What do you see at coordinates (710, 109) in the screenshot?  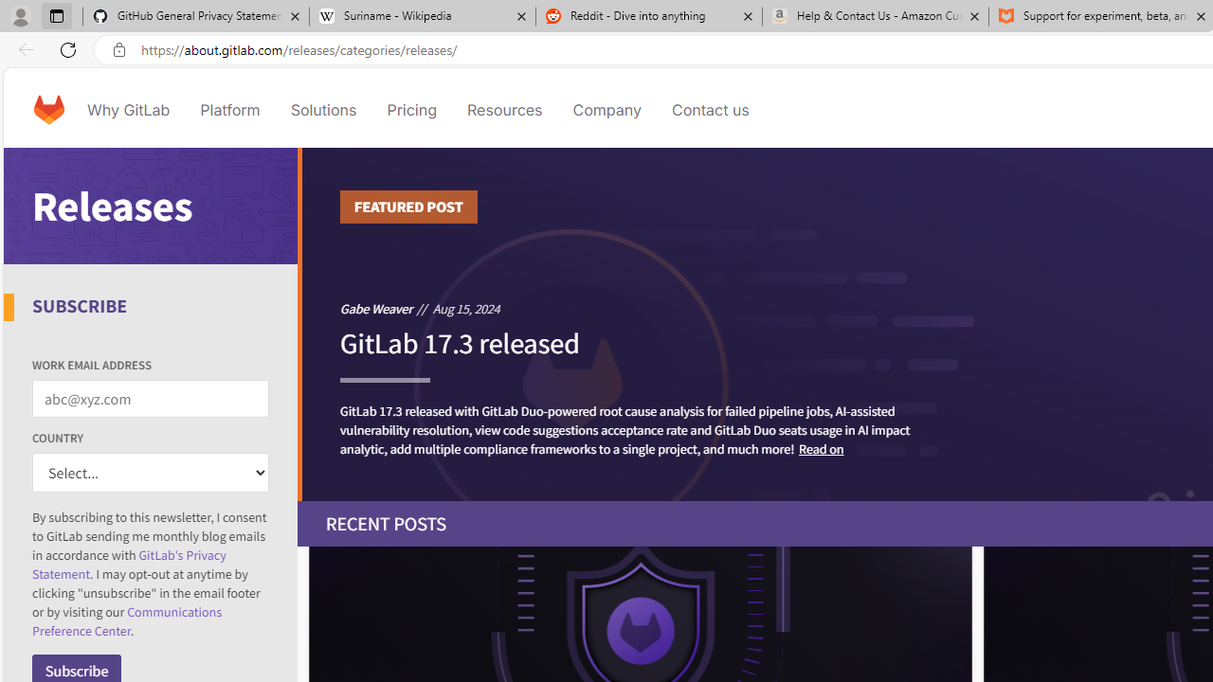 I see `'Contact us'` at bounding box center [710, 109].